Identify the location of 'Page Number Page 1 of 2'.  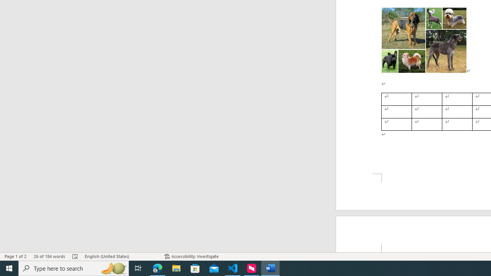
(15, 256).